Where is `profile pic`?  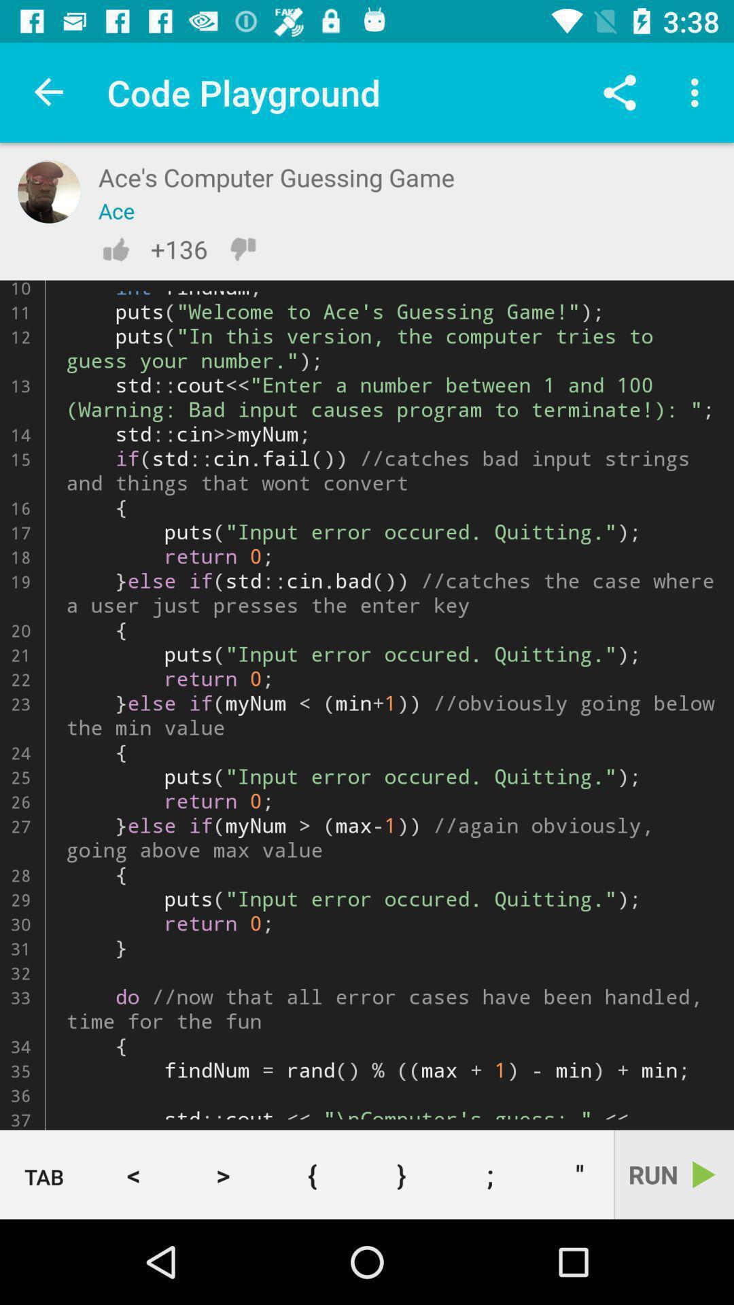 profile pic is located at coordinates (48, 191).